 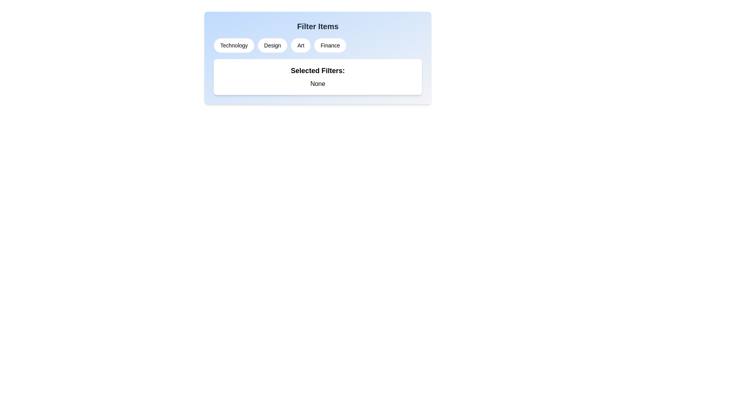 What do you see at coordinates (272, 45) in the screenshot?
I see `the filter chip labeled Design` at bounding box center [272, 45].